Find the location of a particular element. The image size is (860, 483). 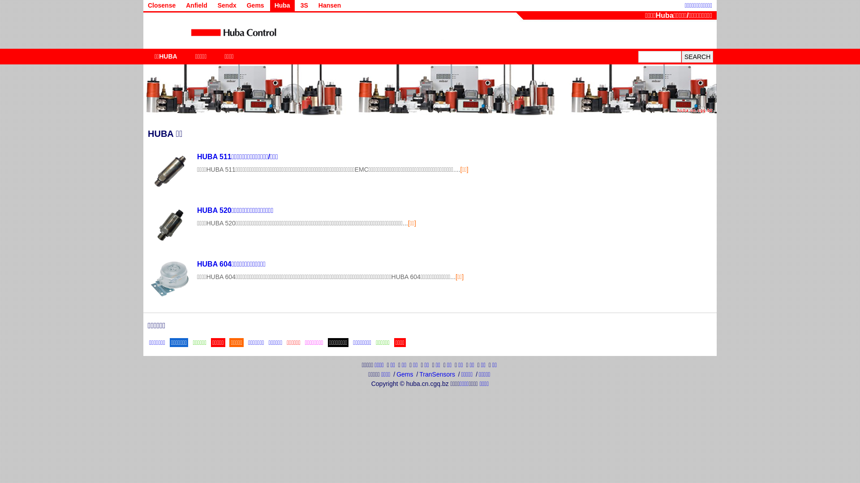

'Closense' is located at coordinates (143, 5).